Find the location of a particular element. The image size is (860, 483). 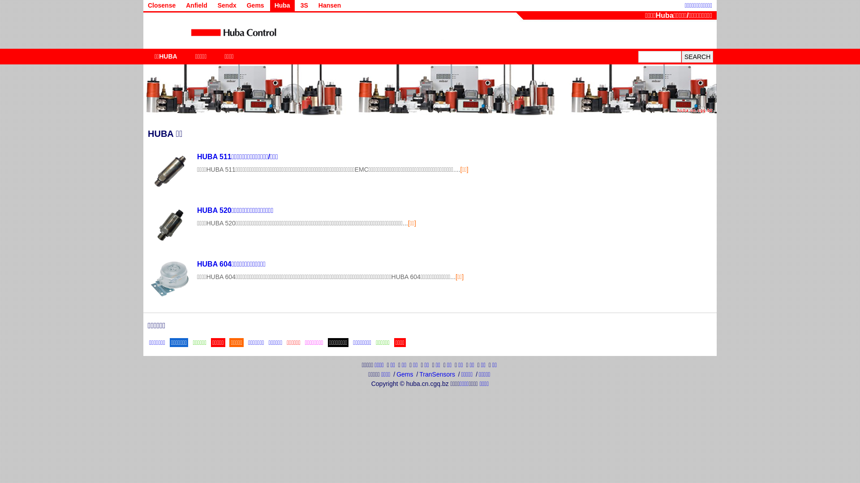

'Closense' is located at coordinates (143, 5).